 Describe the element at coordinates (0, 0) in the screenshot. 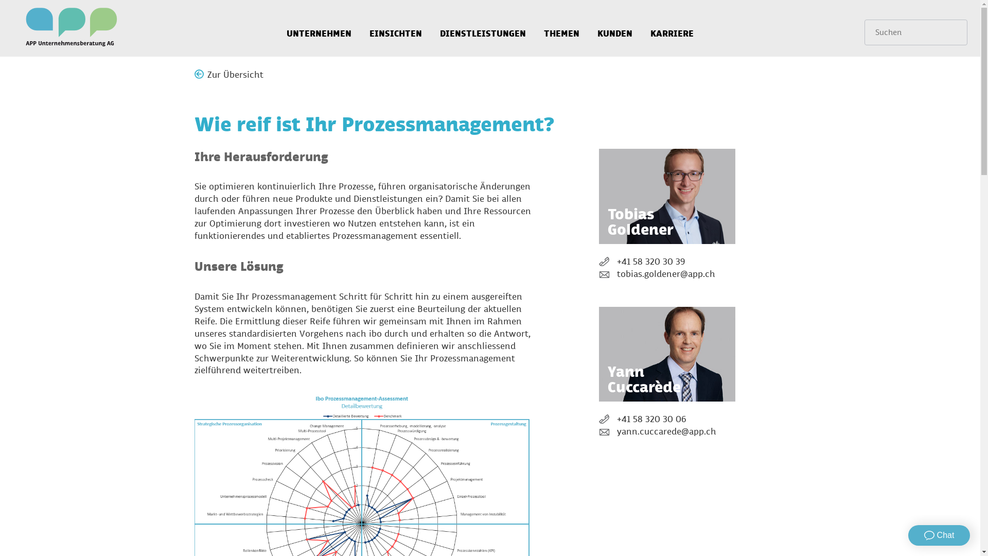

I see `'Direkt zum Inhalt'` at that location.